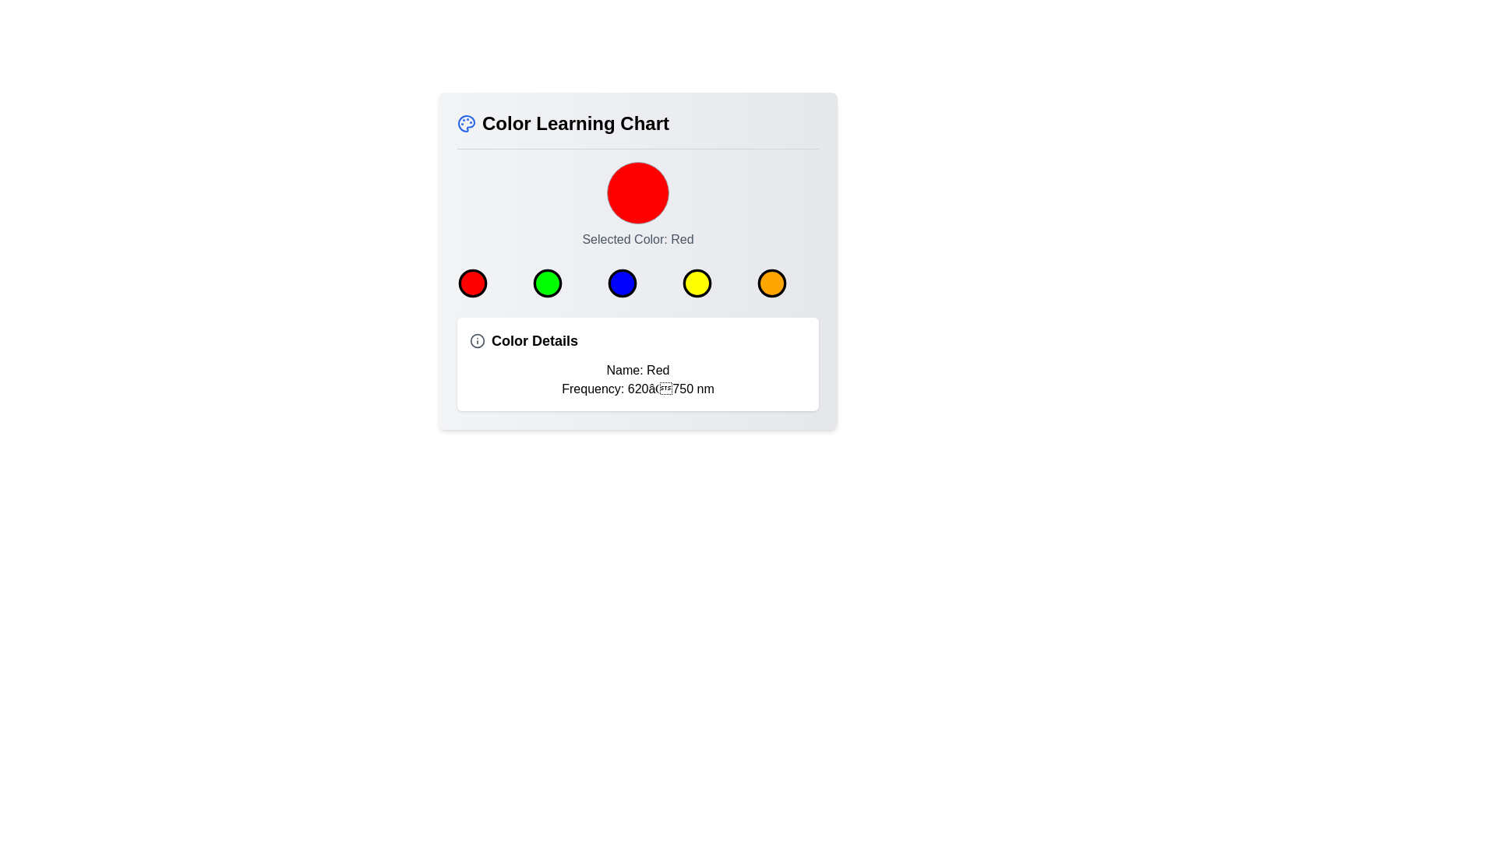 This screenshot has height=841, width=1496. I want to click on the information icon located to the left of the 'Color Details' heading, so click(477, 340).